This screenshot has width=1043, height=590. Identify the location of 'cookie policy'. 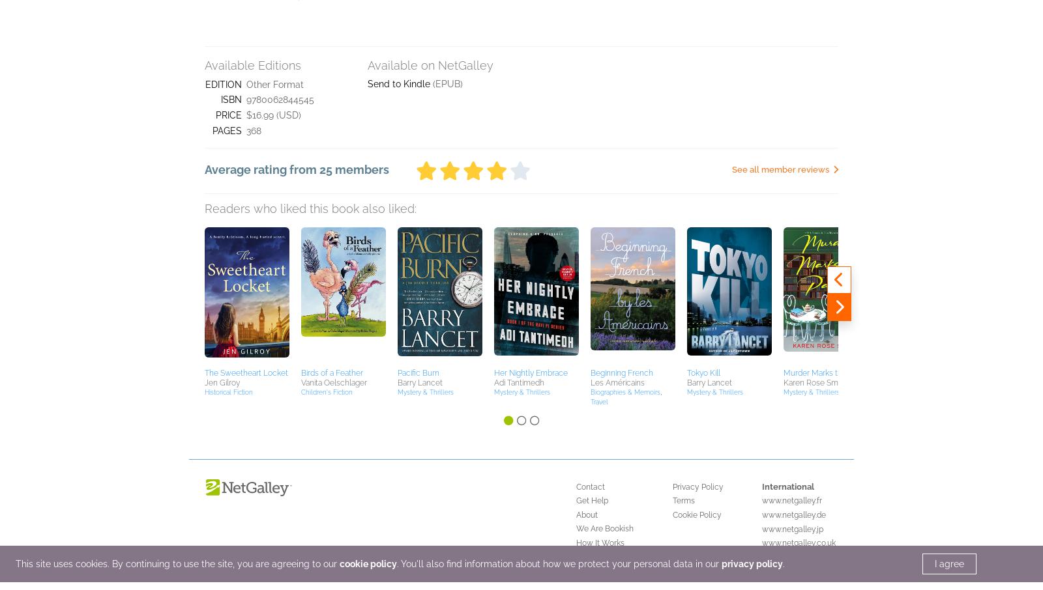
(367, 42).